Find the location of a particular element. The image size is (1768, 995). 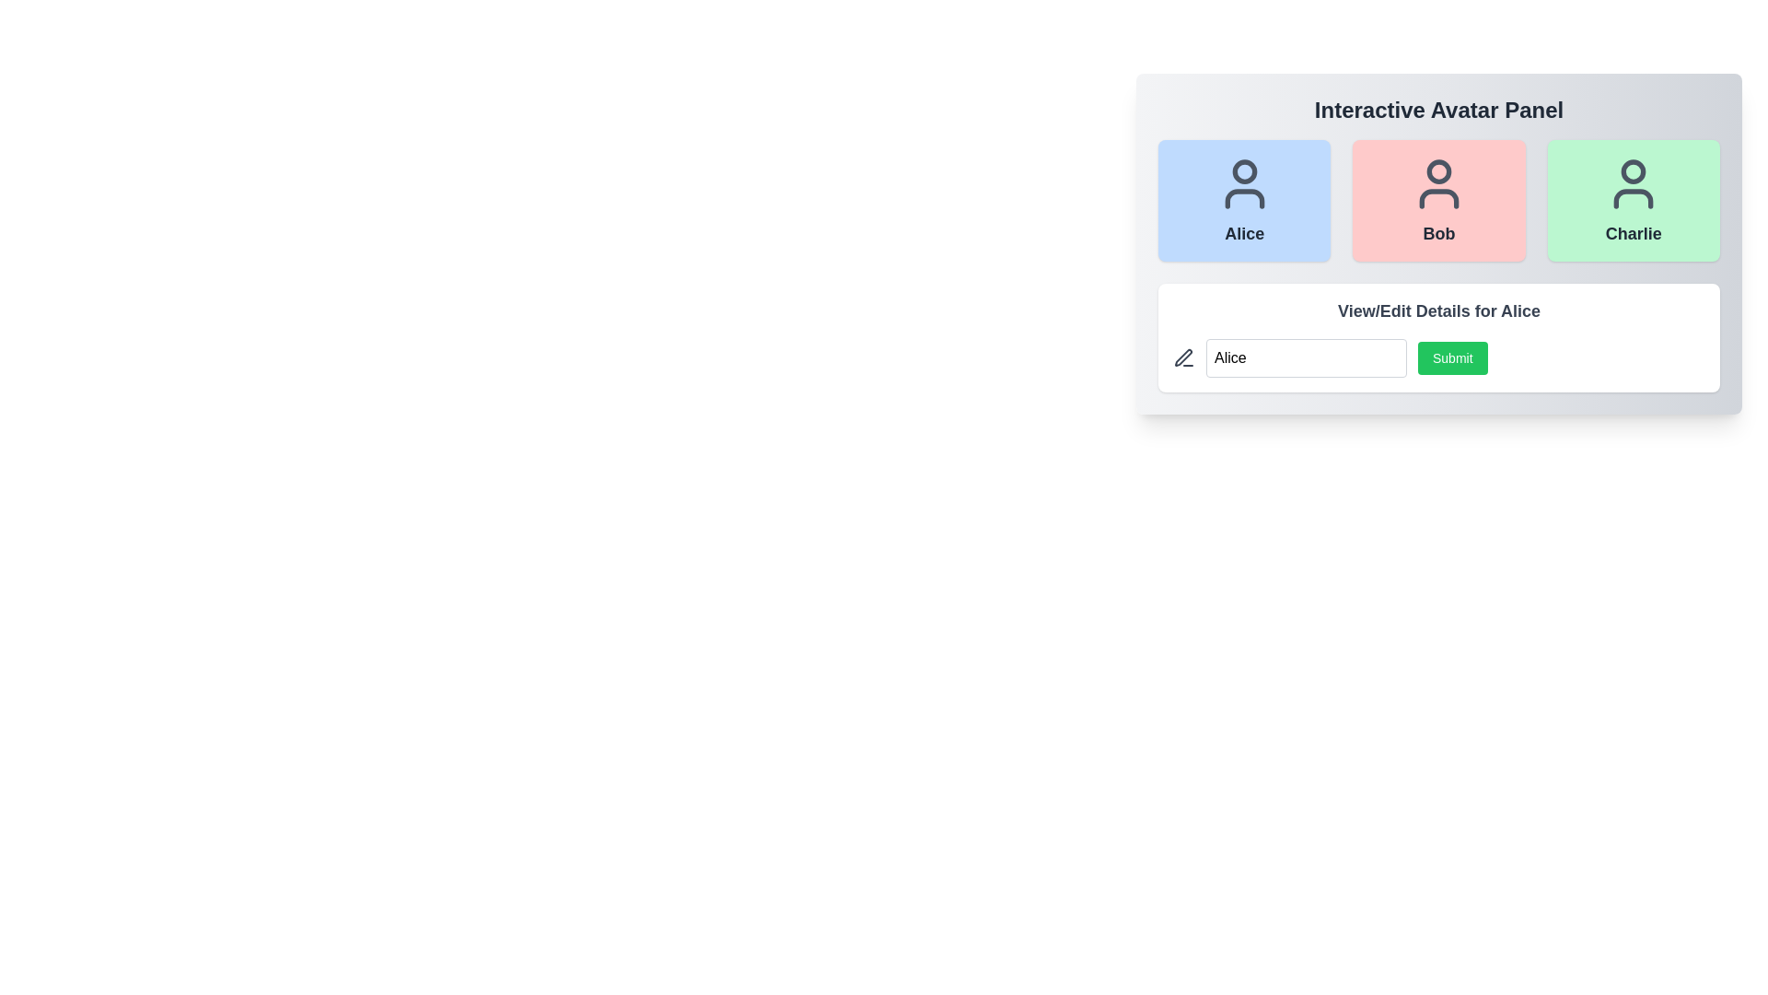

the user profile card representing 'Bob', which is the middle card in the grid layout of the 'Interactive Avatar Panel' is located at coordinates (1438, 201).